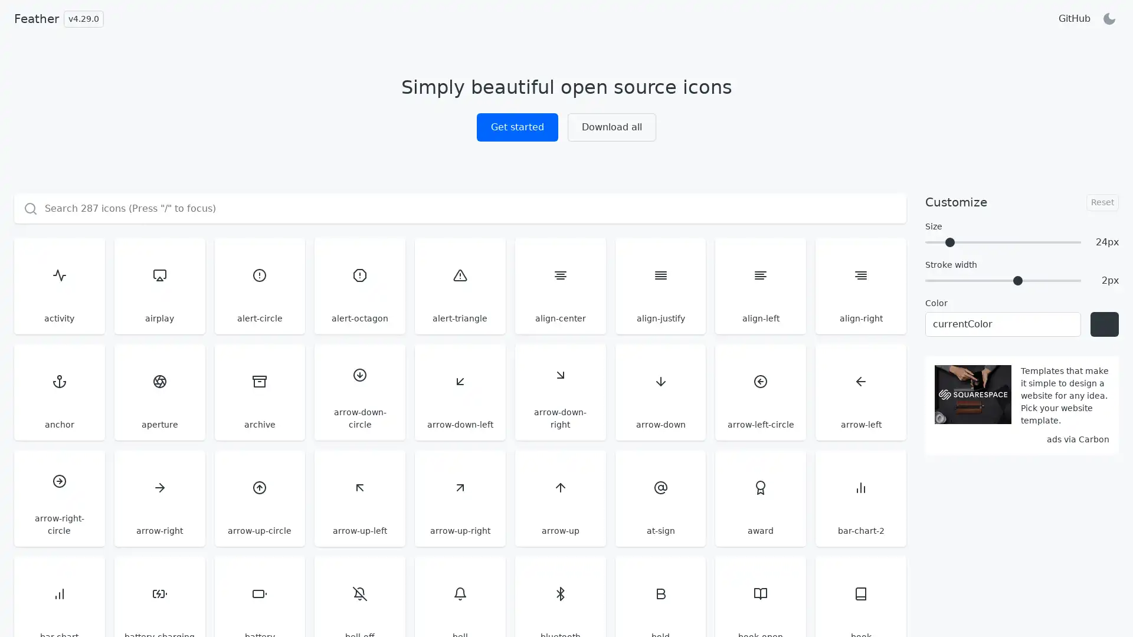 Image resolution: width=1133 pixels, height=637 pixels. Describe the element at coordinates (659, 286) in the screenshot. I see `align-justify` at that location.